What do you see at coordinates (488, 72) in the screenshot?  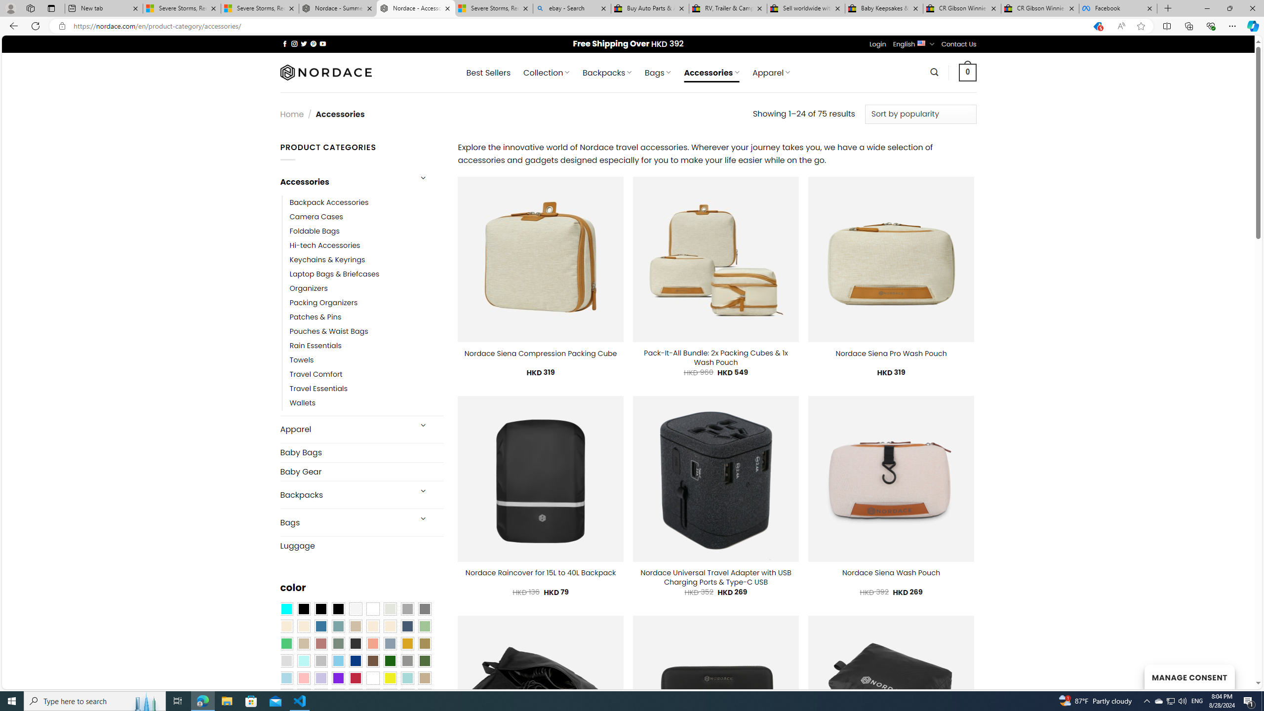 I see `' Best Sellers'` at bounding box center [488, 72].